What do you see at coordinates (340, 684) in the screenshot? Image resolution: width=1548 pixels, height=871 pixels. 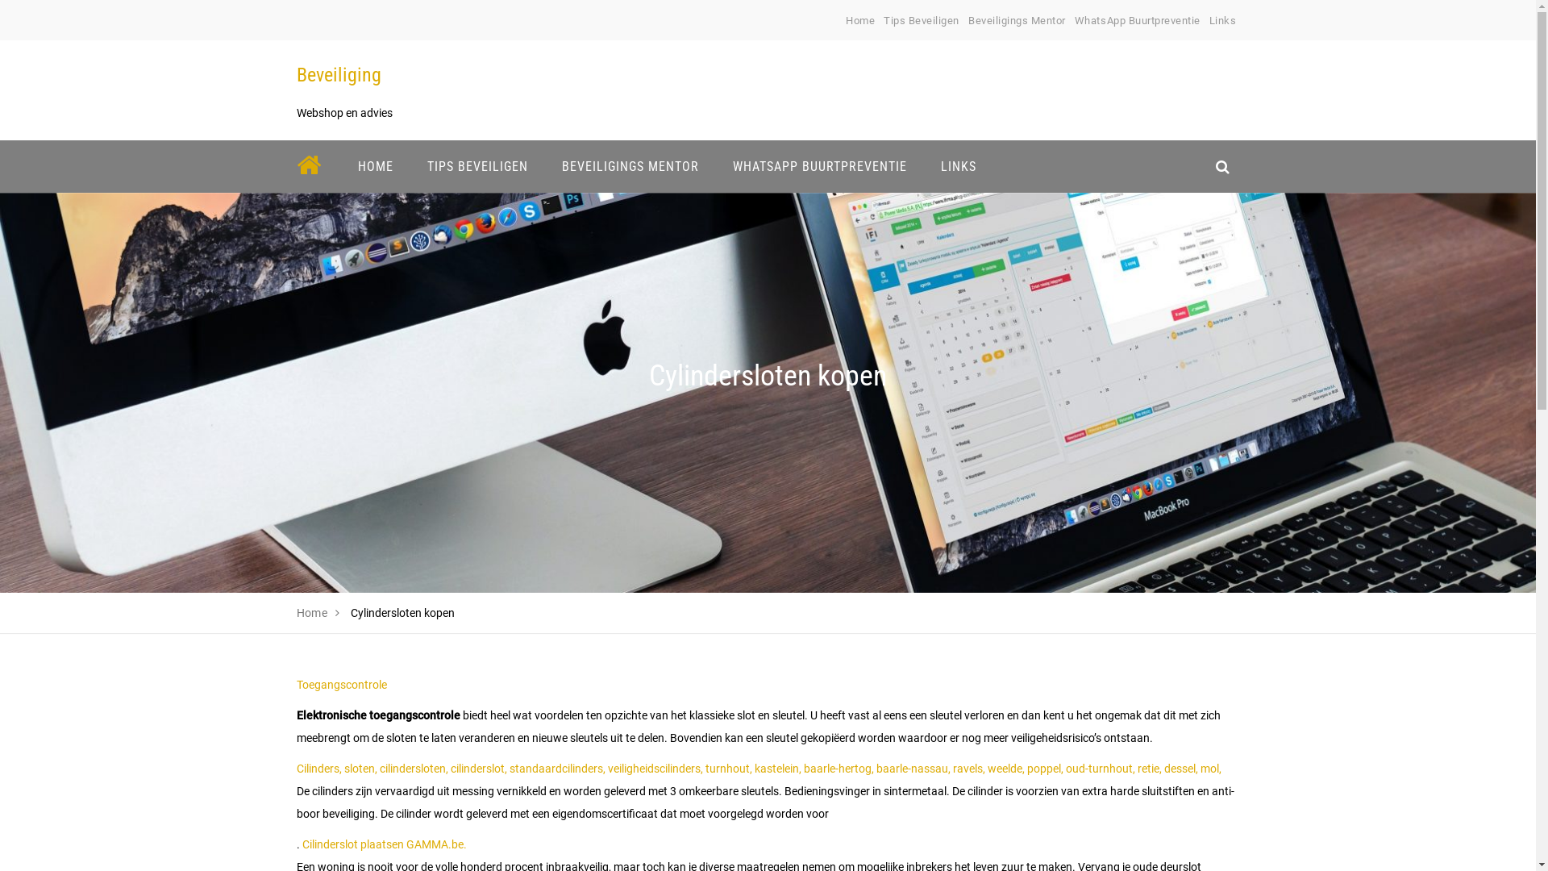 I see `'Toegangscontrole'` at bounding box center [340, 684].